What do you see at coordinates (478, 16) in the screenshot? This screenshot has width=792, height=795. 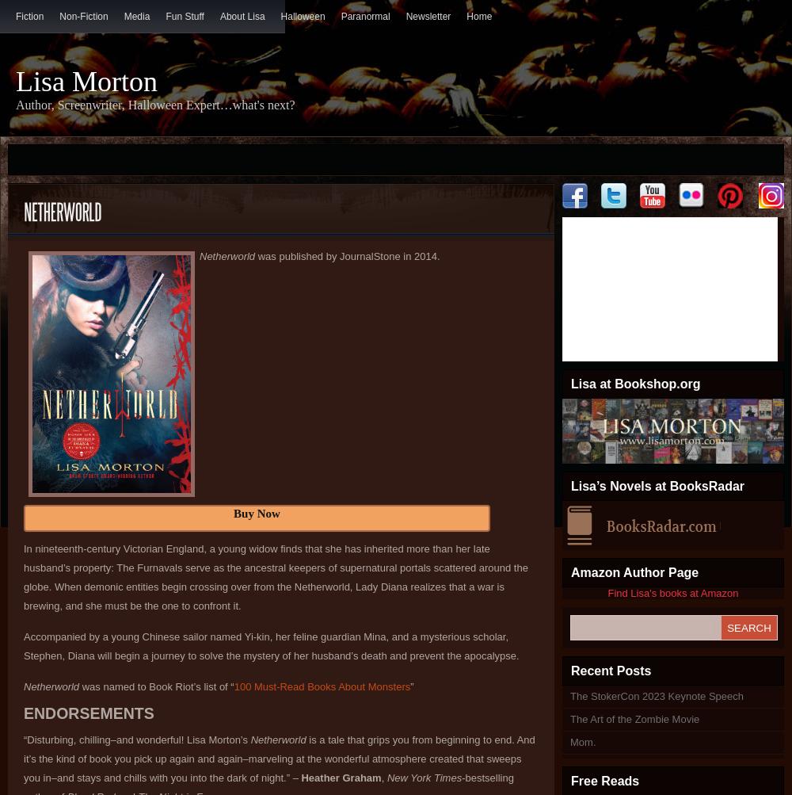 I see `'Home'` at bounding box center [478, 16].